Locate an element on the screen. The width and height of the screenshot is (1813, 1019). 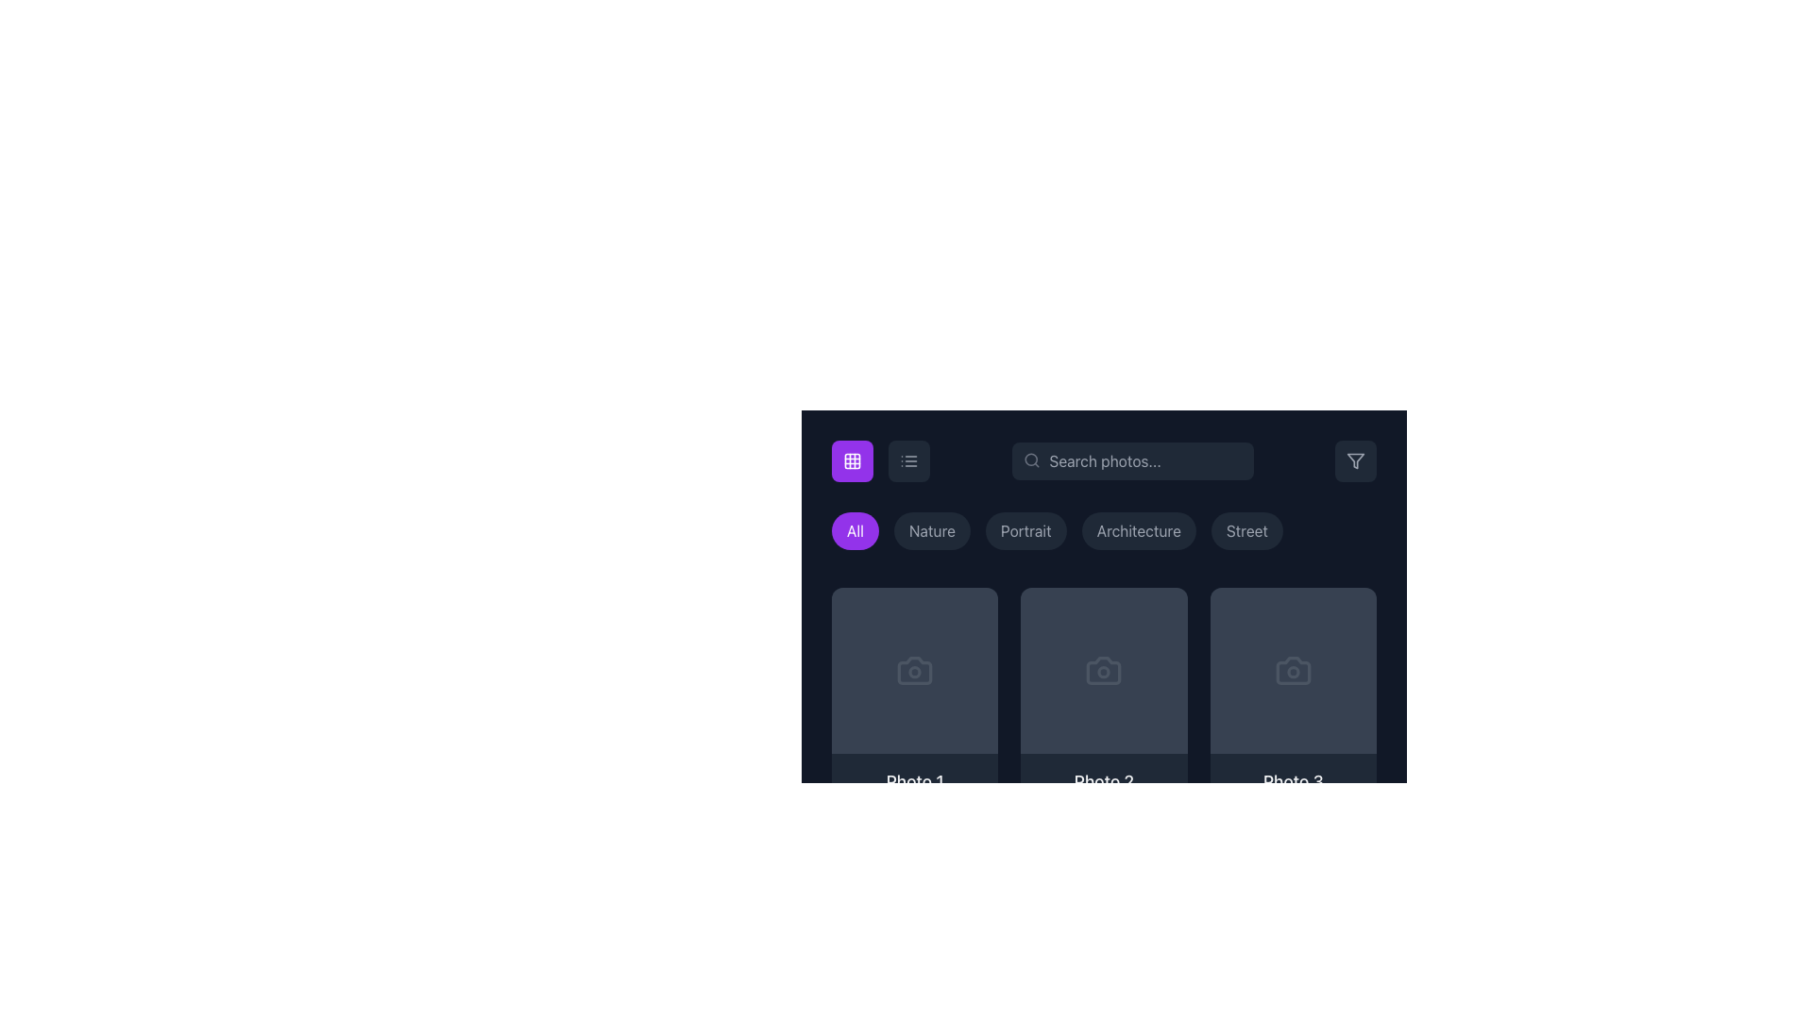
text displayed in the 'Photo 1' label, which is positioned below a dark gray image placeholder in the grid layout is located at coordinates (915, 782).